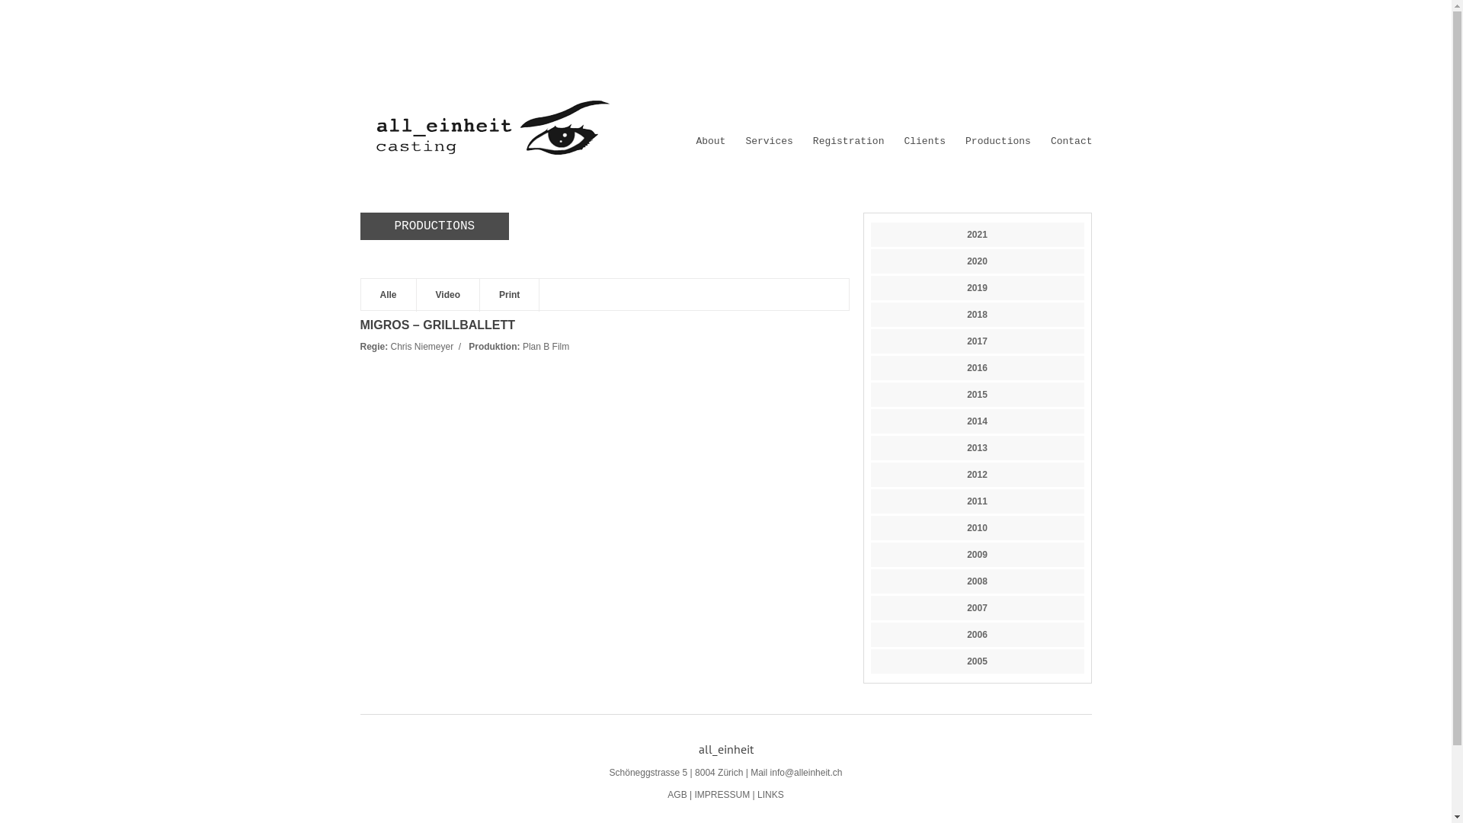  Describe the element at coordinates (977, 367) in the screenshot. I see `'2016'` at that location.